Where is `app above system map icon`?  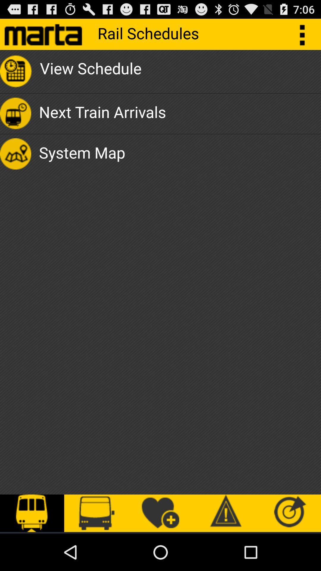 app above system map icon is located at coordinates (102, 114).